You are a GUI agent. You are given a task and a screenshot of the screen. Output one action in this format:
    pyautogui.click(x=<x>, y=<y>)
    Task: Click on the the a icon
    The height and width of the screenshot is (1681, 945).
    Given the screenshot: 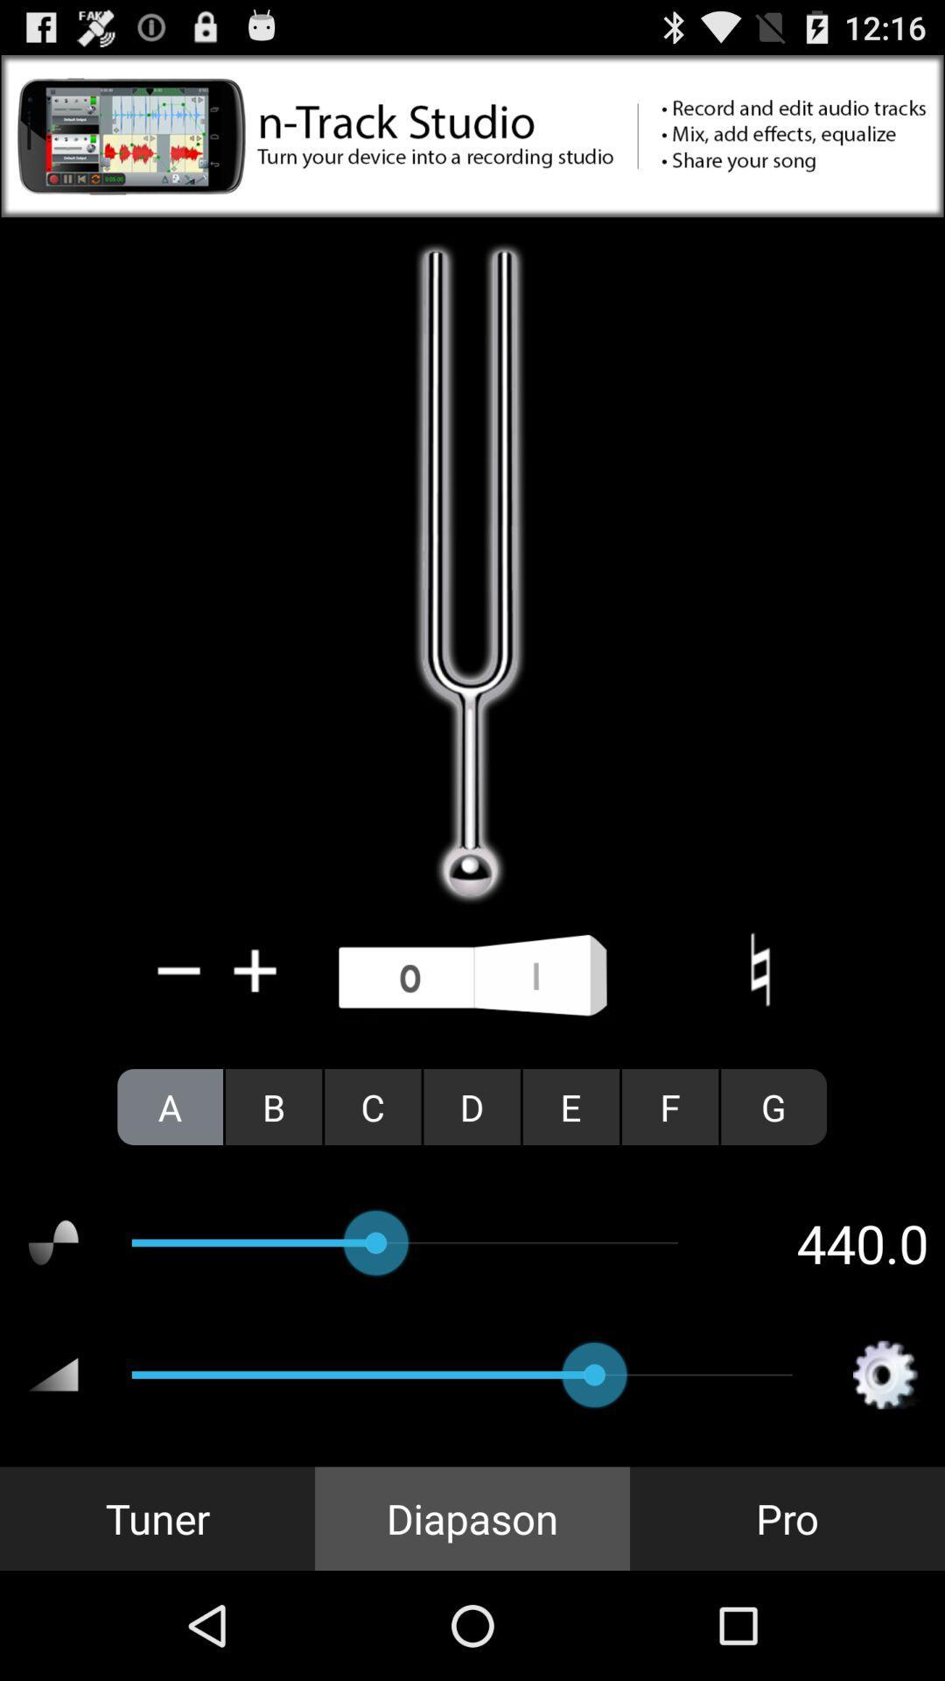 What is the action you would take?
    pyautogui.click(x=170, y=1106)
    